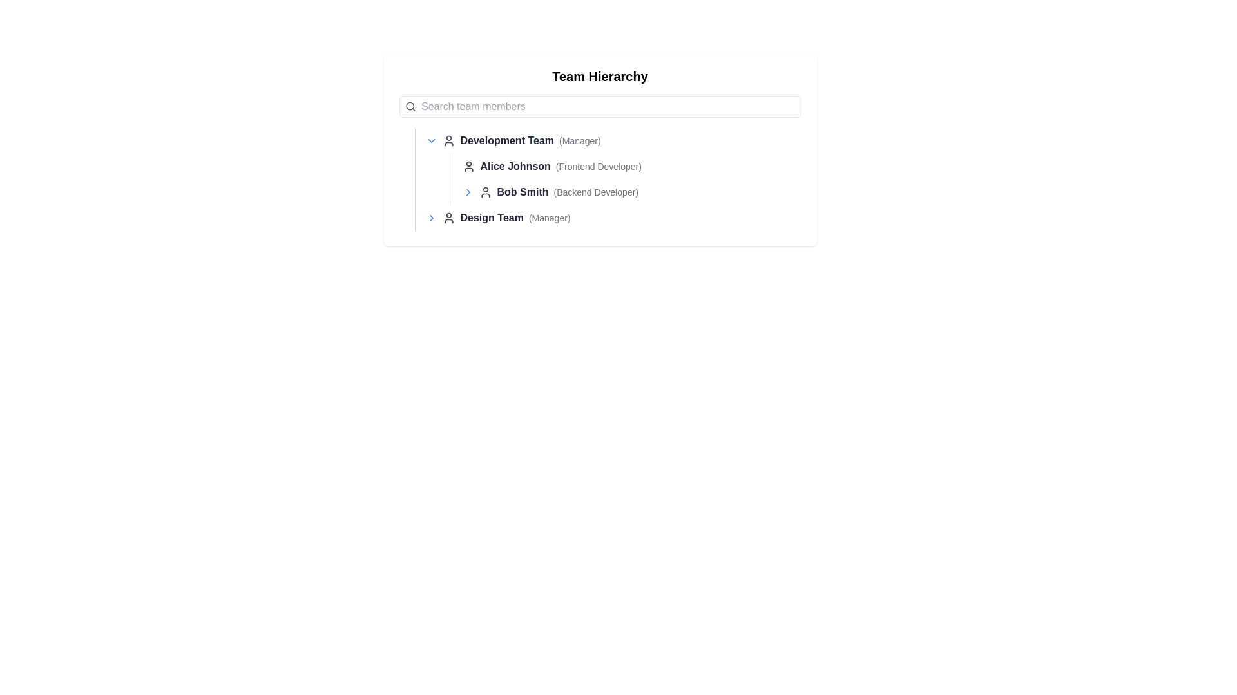 The height and width of the screenshot is (695, 1237). What do you see at coordinates (523, 192) in the screenshot?
I see `the text label component displaying 'Bob Smith'` at bounding box center [523, 192].